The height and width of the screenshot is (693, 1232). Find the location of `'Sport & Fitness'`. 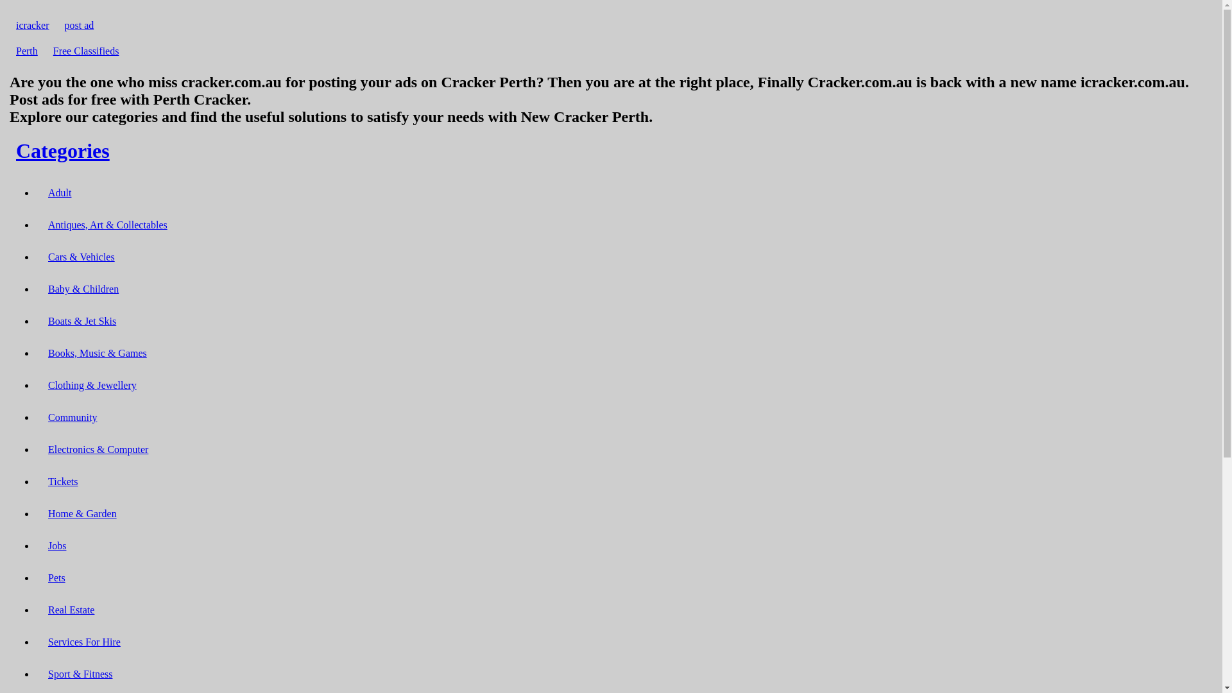

'Sport & Fitness' is located at coordinates (79, 673).